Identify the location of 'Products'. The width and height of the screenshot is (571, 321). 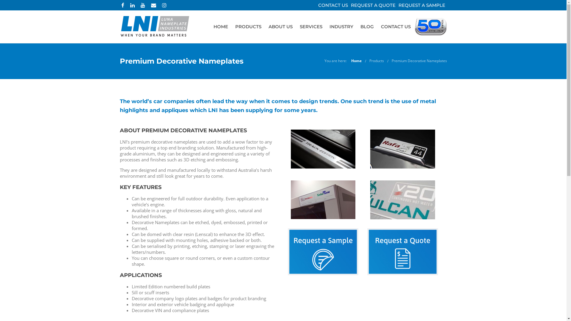
(376, 61).